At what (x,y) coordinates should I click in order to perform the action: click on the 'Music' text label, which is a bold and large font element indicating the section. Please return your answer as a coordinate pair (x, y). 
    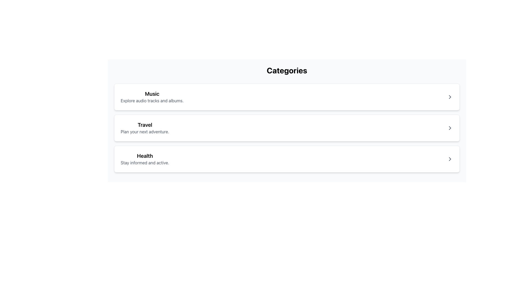
    Looking at the image, I should click on (152, 94).